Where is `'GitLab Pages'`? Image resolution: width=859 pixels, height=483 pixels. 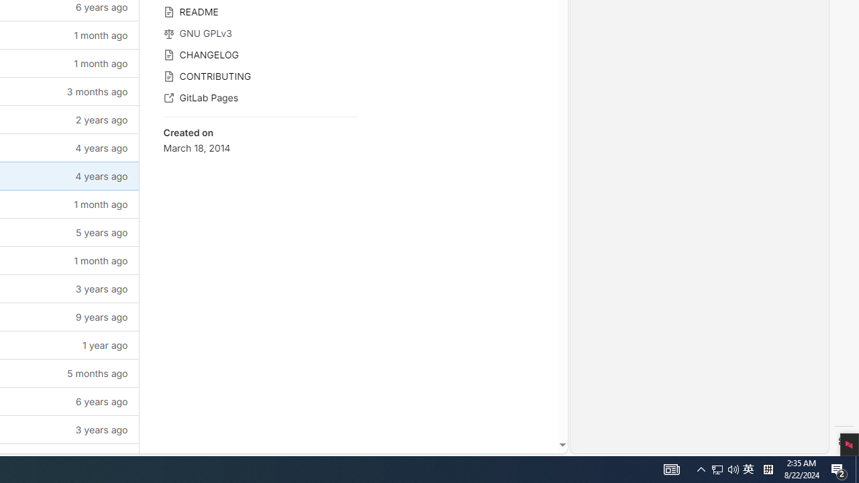
'GitLab Pages' is located at coordinates (260, 96).